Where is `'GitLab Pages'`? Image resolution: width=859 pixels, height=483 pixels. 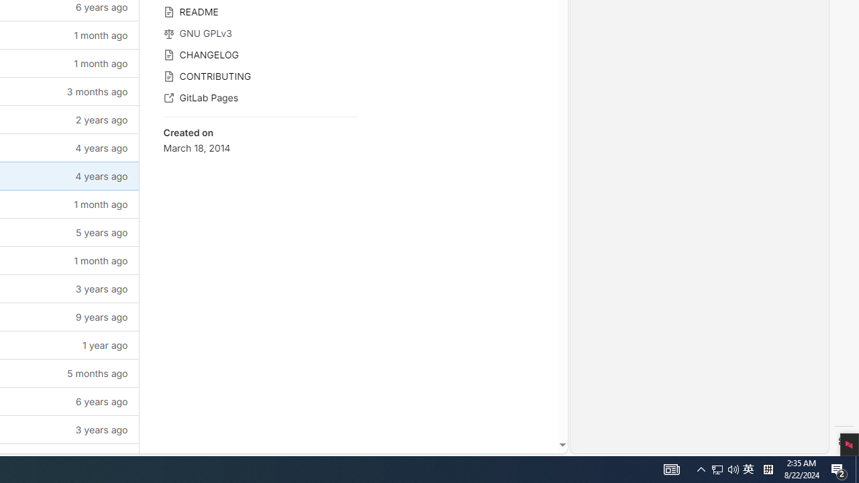
'GitLab Pages' is located at coordinates (260, 96).